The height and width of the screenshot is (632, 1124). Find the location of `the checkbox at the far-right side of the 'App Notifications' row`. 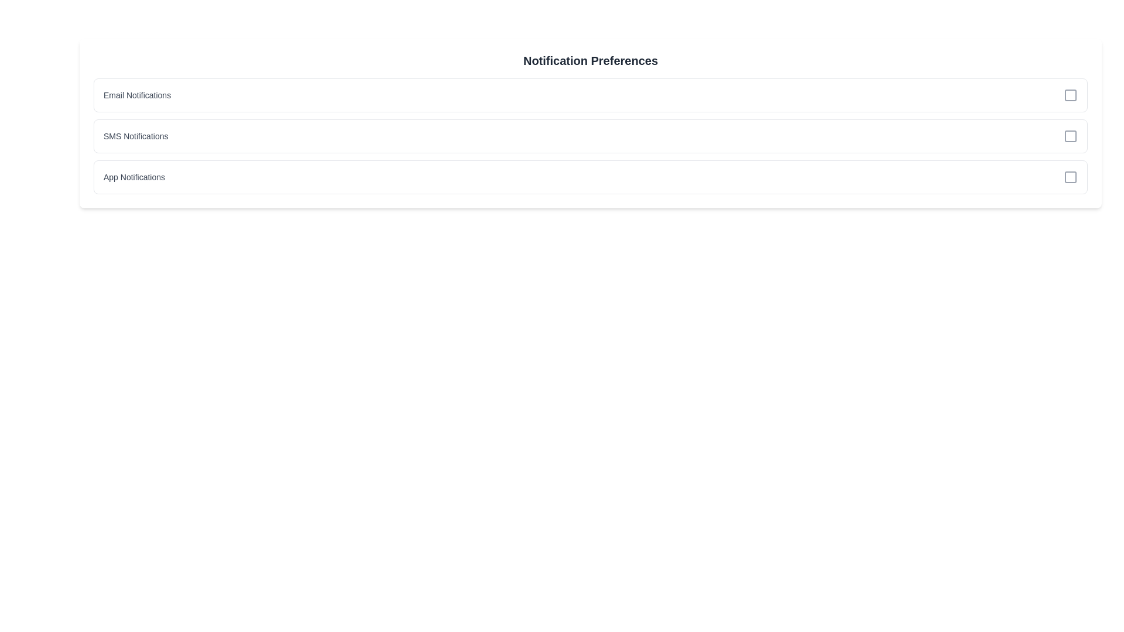

the checkbox at the far-right side of the 'App Notifications' row is located at coordinates (1070, 177).